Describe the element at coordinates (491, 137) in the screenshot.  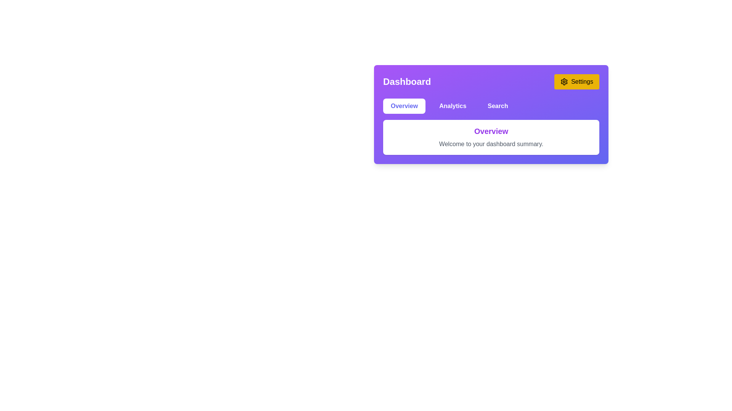
I see `the Text block located in the central region of the dashboard, which provides a summary or greeting and is positioned below the button group` at that location.